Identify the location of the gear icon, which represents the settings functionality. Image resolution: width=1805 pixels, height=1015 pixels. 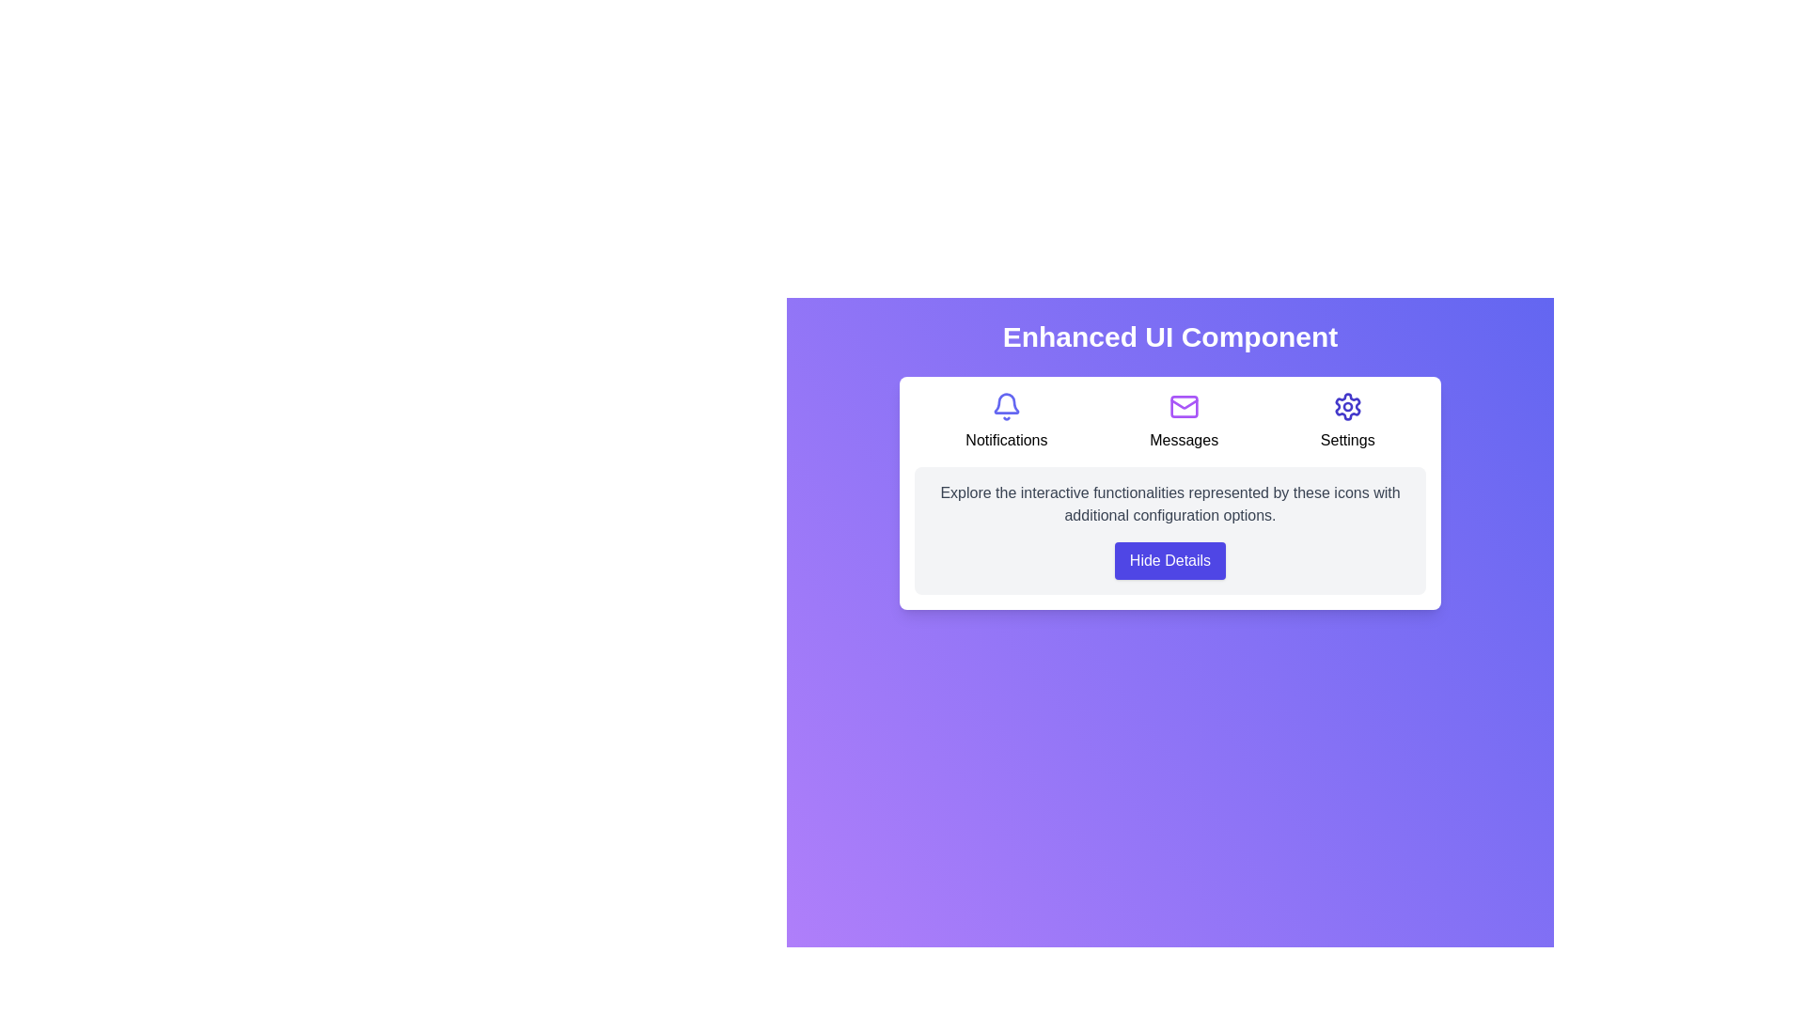
(1346, 405).